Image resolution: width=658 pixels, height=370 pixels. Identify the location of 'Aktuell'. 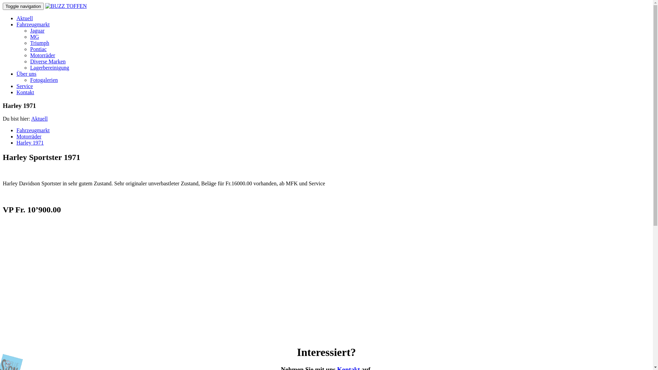
(39, 118).